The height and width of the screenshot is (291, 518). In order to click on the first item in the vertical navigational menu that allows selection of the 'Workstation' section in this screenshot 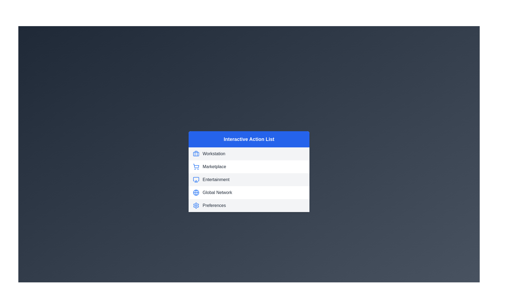, I will do `click(248, 154)`.